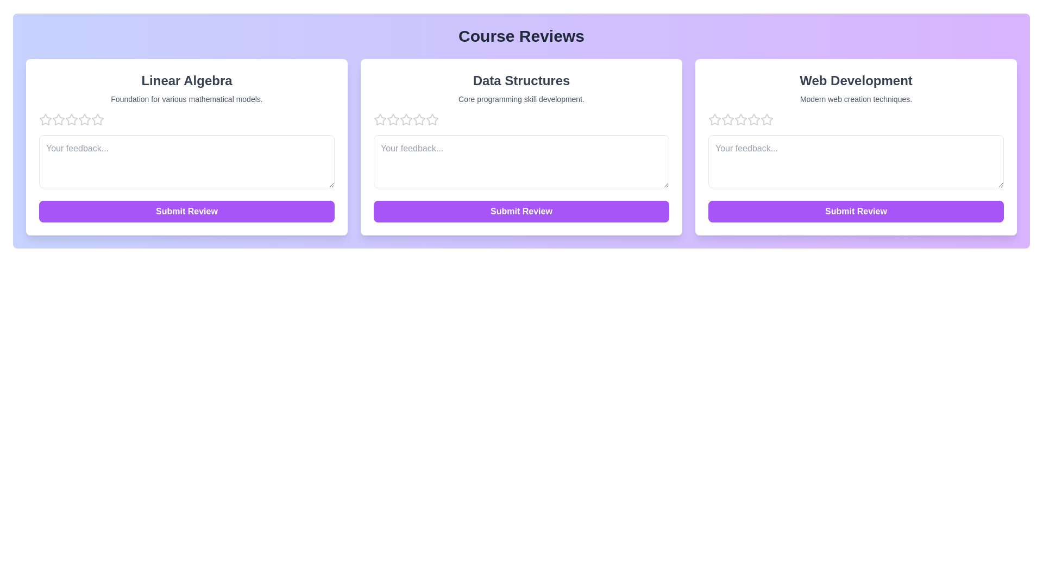 The image size is (1043, 586). I want to click on the course card for Linear Algebra, so click(187, 147).